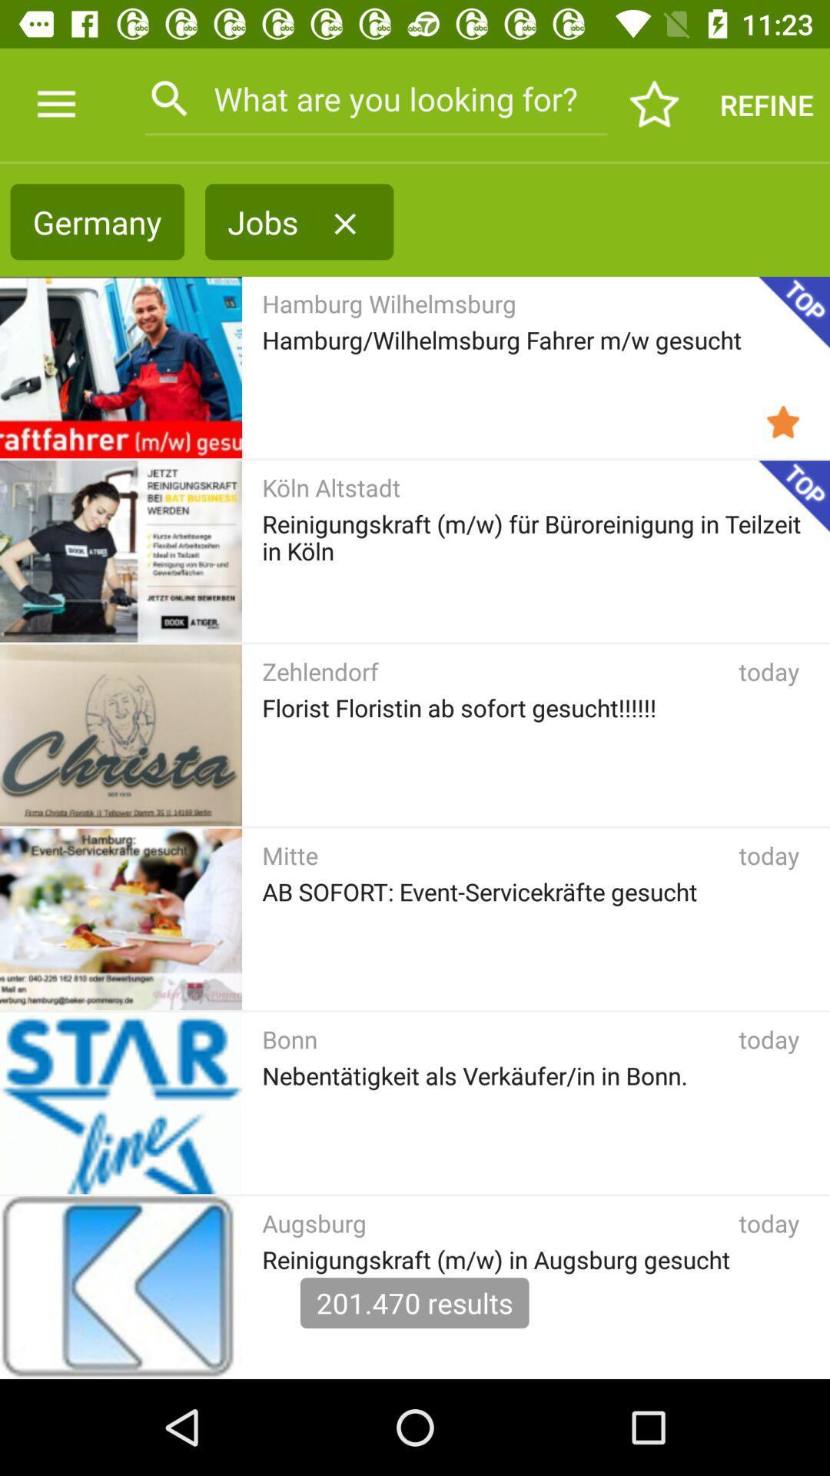 This screenshot has height=1476, width=830. What do you see at coordinates (655, 104) in the screenshot?
I see `the item to the right of what are you icon` at bounding box center [655, 104].